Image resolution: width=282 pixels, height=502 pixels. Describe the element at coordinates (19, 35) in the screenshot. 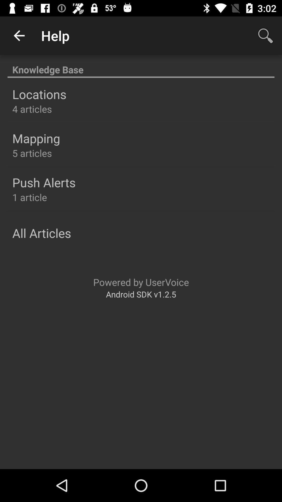

I see `the item above knowledge base icon` at that location.